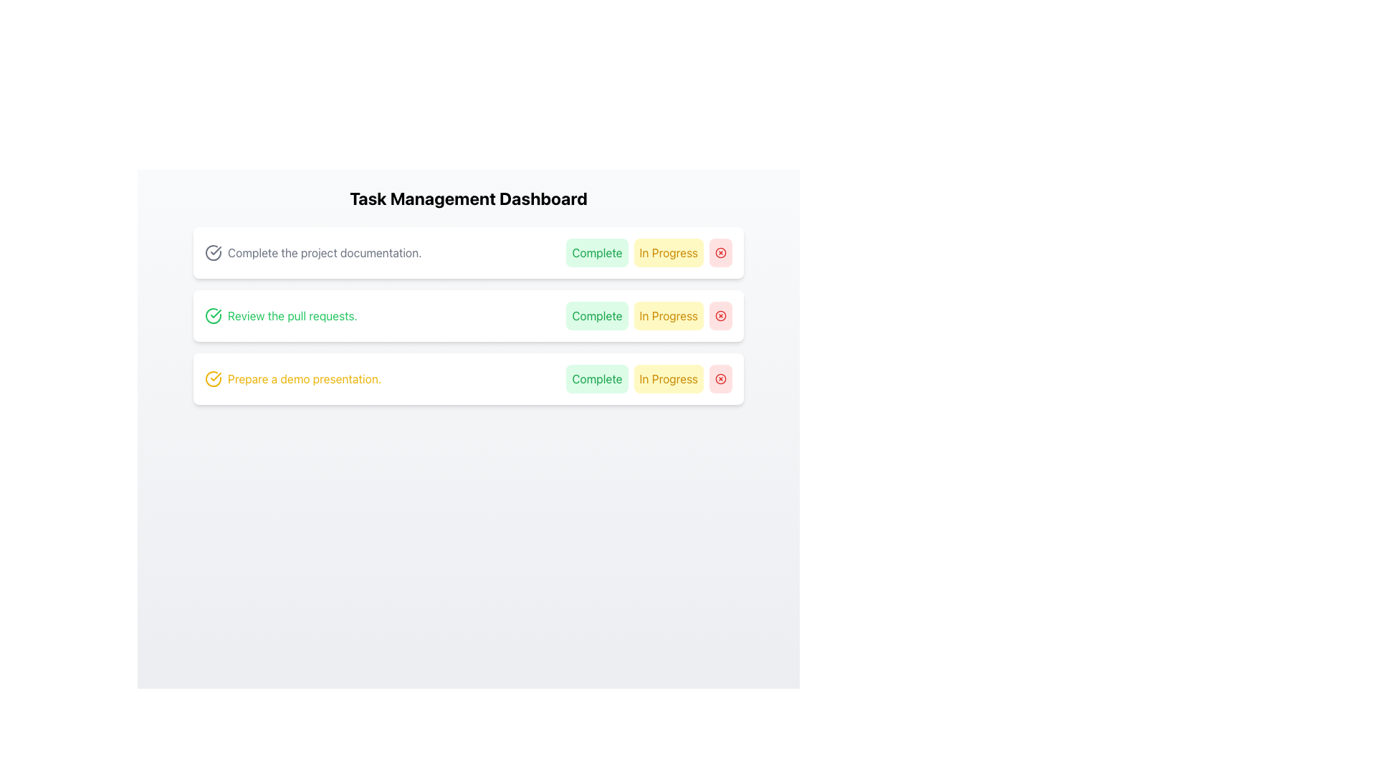  Describe the element at coordinates (668, 252) in the screenshot. I see `the button labeled 'In Progress' with a yellow background` at that location.